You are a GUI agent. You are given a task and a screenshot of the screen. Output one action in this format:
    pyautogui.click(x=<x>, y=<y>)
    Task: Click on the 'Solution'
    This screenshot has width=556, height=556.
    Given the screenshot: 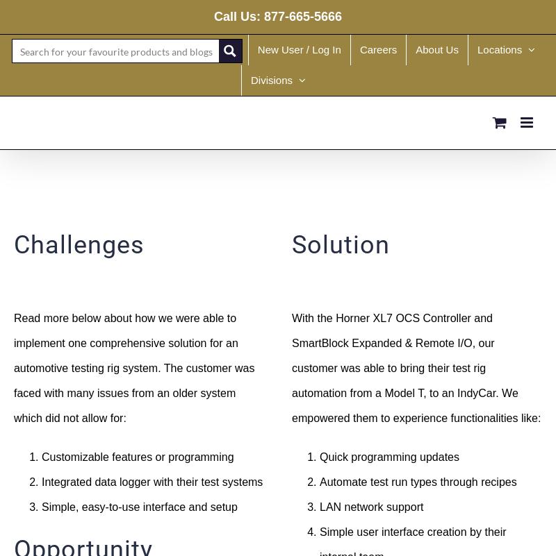 What is the action you would take?
    pyautogui.click(x=292, y=244)
    